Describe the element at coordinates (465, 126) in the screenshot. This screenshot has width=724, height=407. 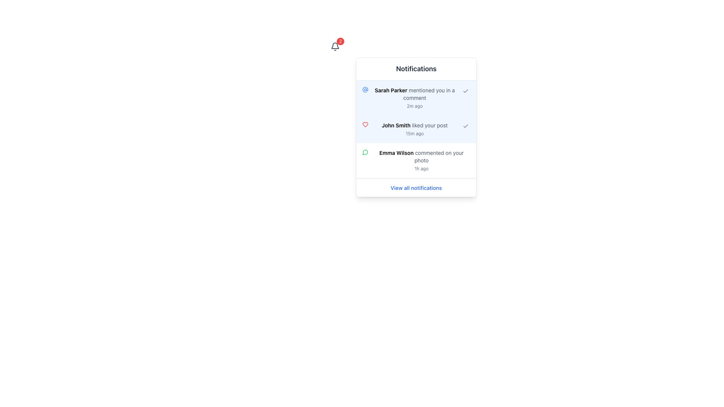
I see `the button on the far right of the notification entry "John Smith liked your post 15m ago" to mark the notification as read` at that location.